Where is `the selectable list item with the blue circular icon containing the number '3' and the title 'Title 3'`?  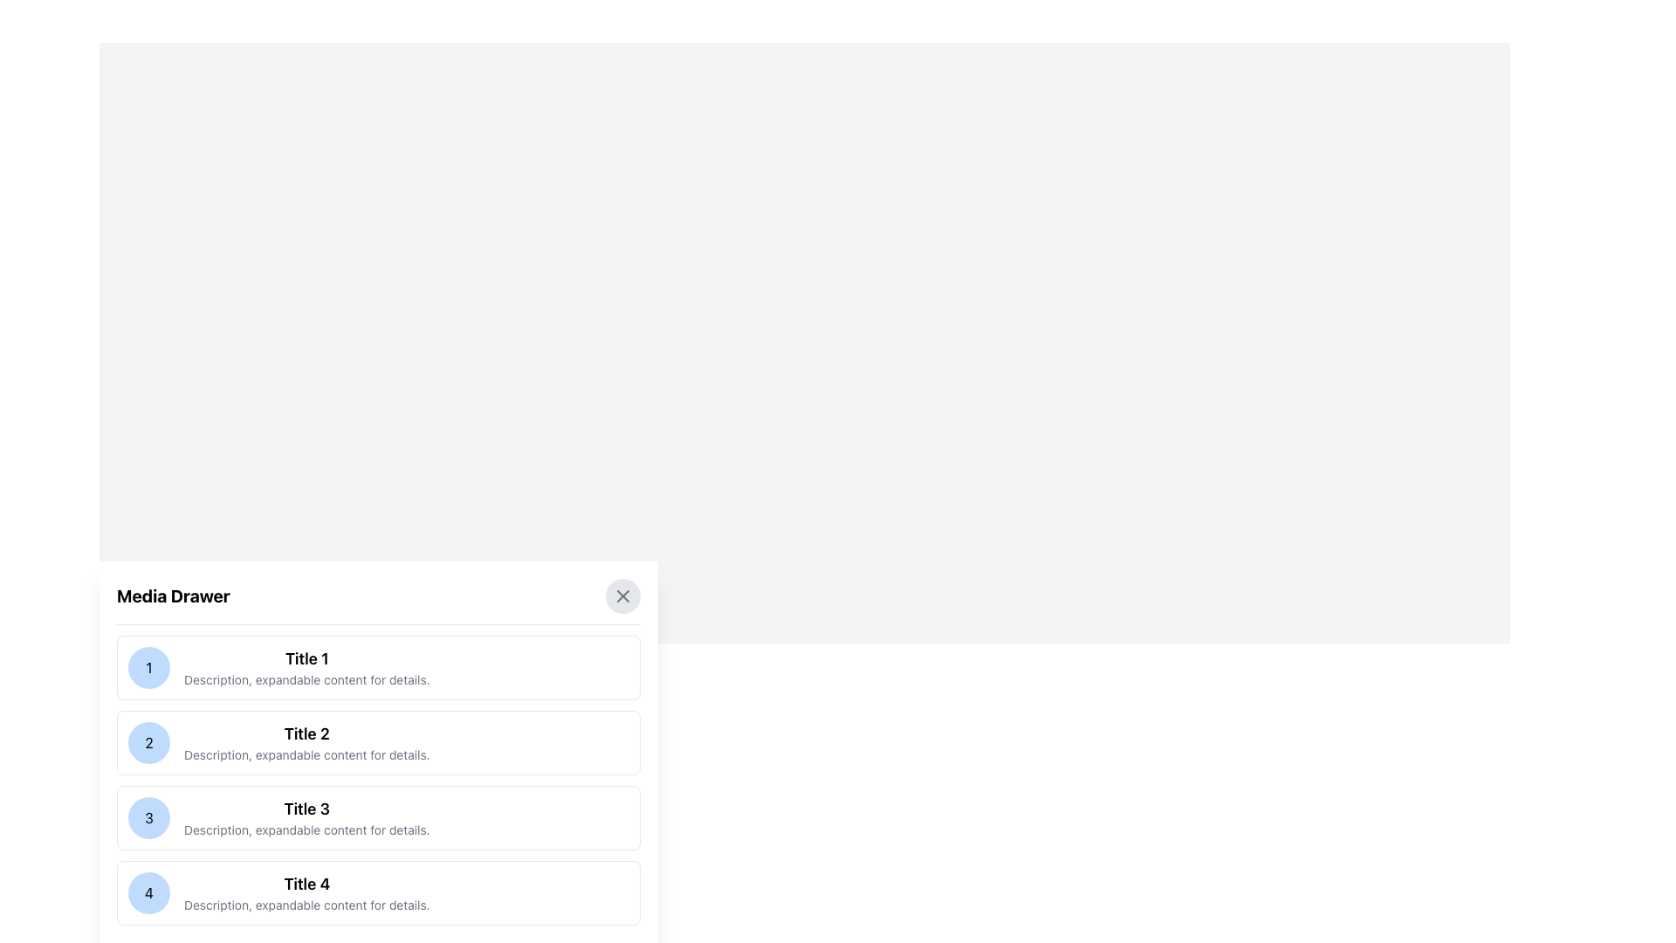
the selectable list item with the blue circular icon containing the number '3' and the title 'Title 3' is located at coordinates (377, 818).